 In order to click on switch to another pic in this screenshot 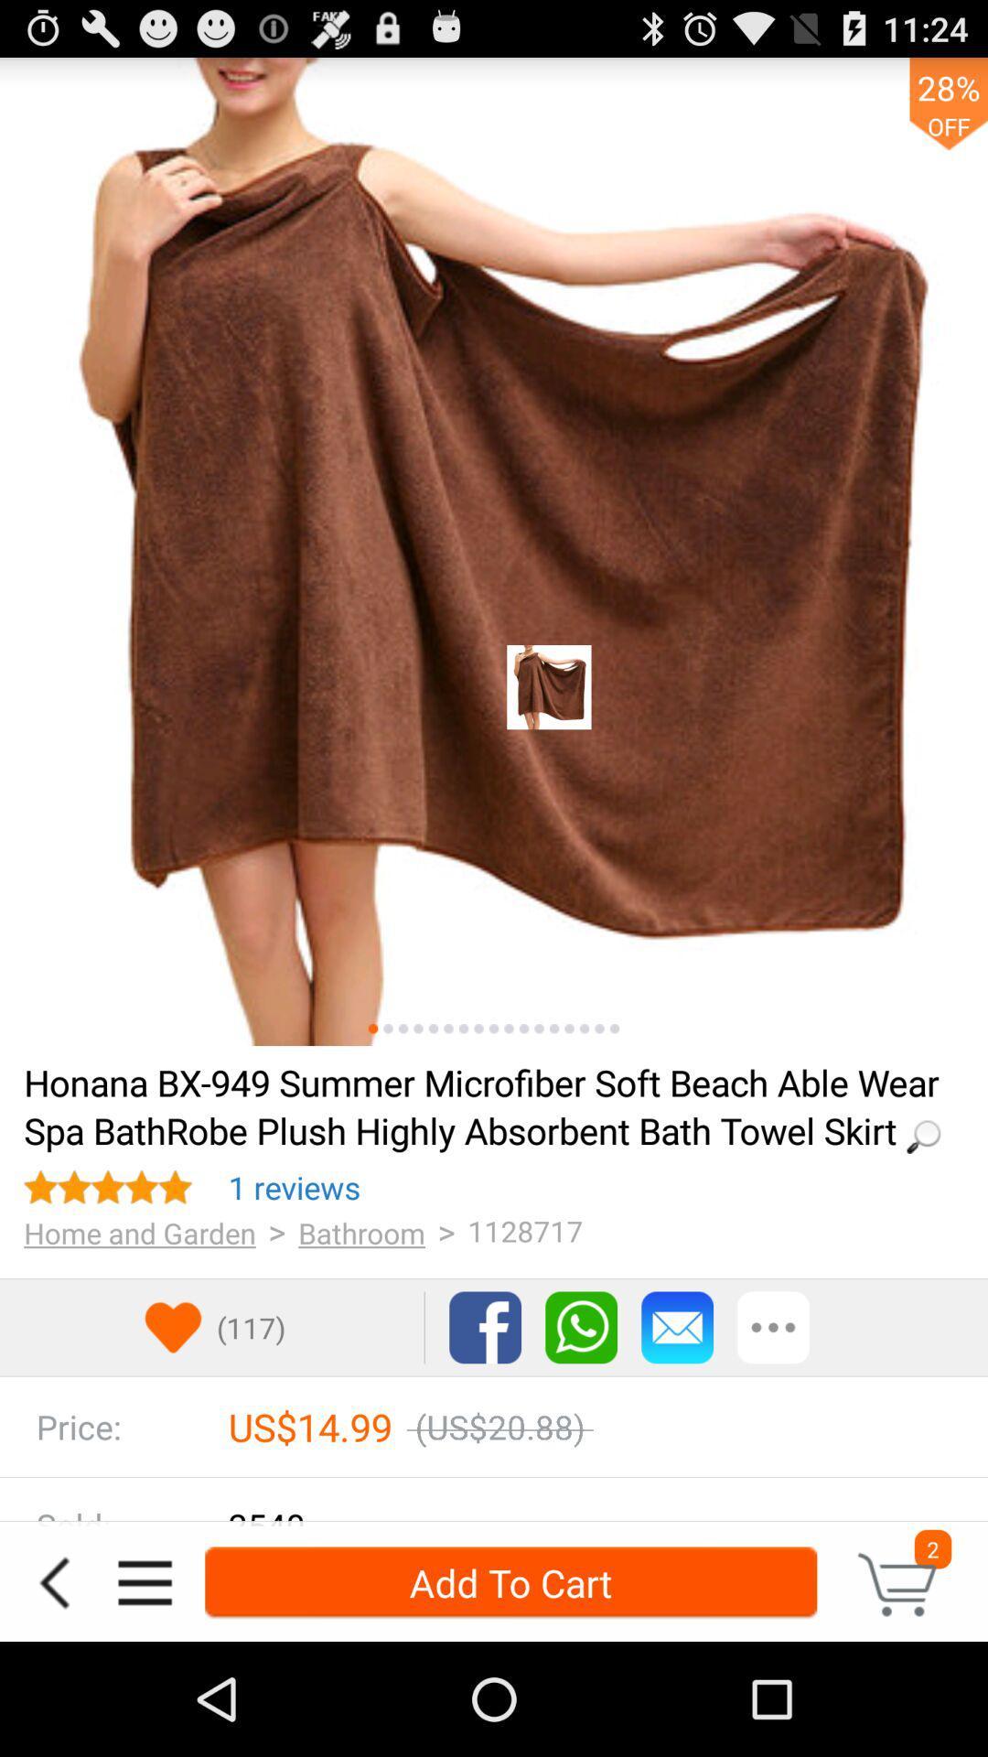, I will do `click(585, 1029)`.